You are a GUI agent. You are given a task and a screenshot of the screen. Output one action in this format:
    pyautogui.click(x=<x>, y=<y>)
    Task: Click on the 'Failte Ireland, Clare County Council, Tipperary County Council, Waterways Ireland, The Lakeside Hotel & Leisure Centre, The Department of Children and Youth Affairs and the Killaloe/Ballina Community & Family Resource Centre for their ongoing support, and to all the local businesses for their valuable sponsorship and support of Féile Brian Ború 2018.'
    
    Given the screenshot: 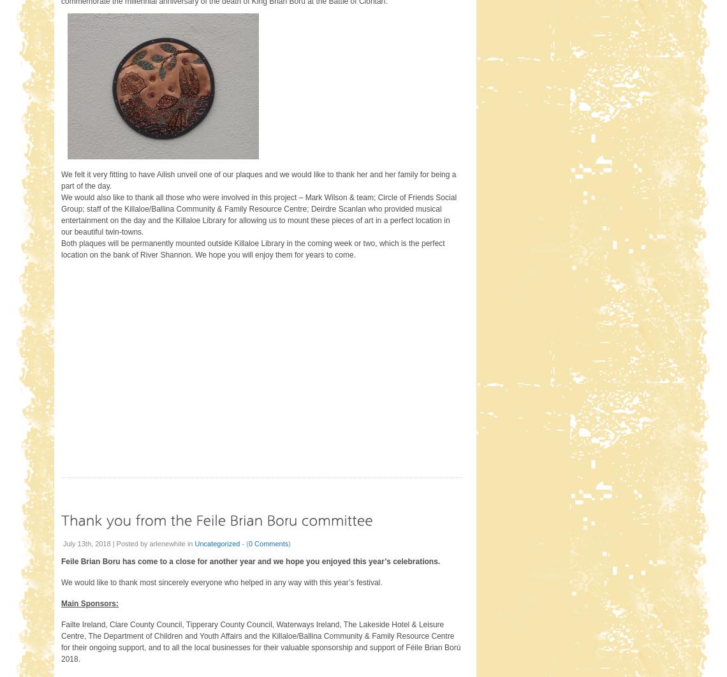 What is the action you would take?
    pyautogui.click(x=60, y=641)
    